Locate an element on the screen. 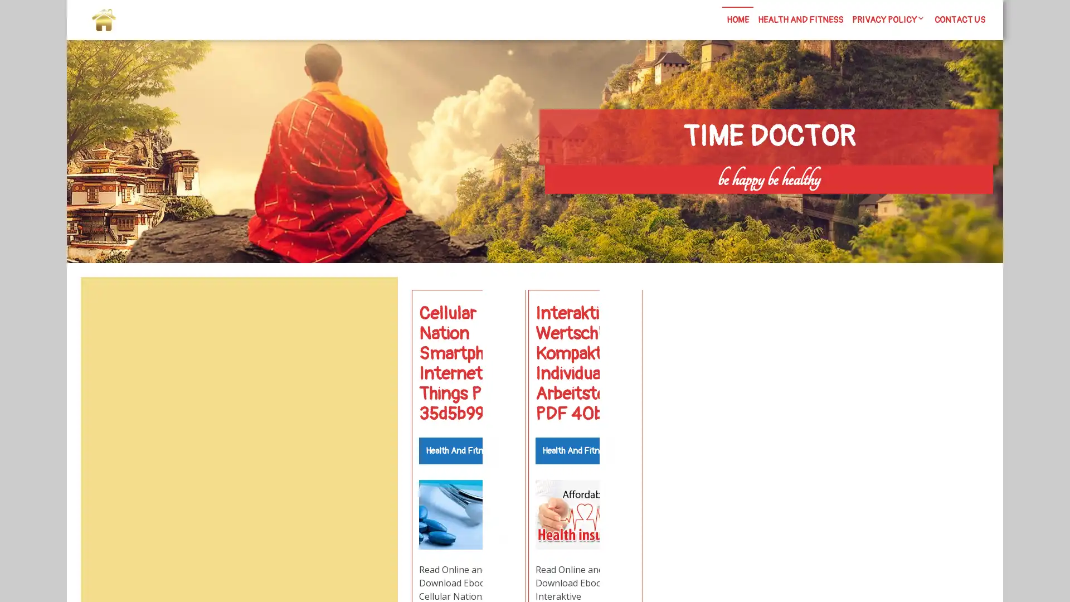 The width and height of the screenshot is (1070, 602). Search is located at coordinates (372, 304).